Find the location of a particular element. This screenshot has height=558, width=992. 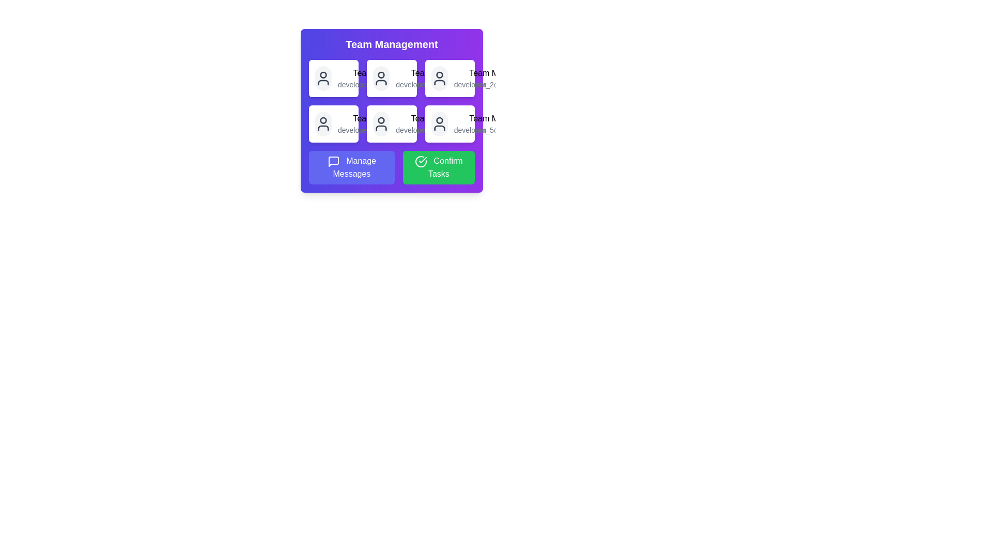

the Text Information Block displaying the team member's name and email address is located at coordinates (441, 123).